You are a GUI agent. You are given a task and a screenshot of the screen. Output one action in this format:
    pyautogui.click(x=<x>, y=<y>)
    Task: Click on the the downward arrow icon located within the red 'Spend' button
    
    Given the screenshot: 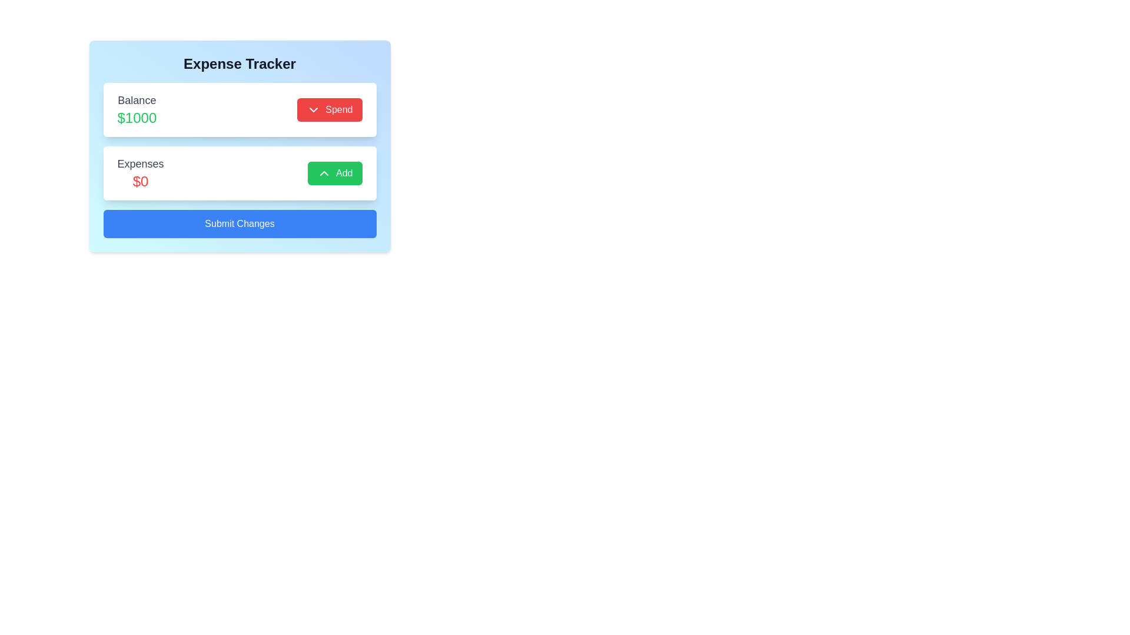 What is the action you would take?
    pyautogui.click(x=314, y=109)
    